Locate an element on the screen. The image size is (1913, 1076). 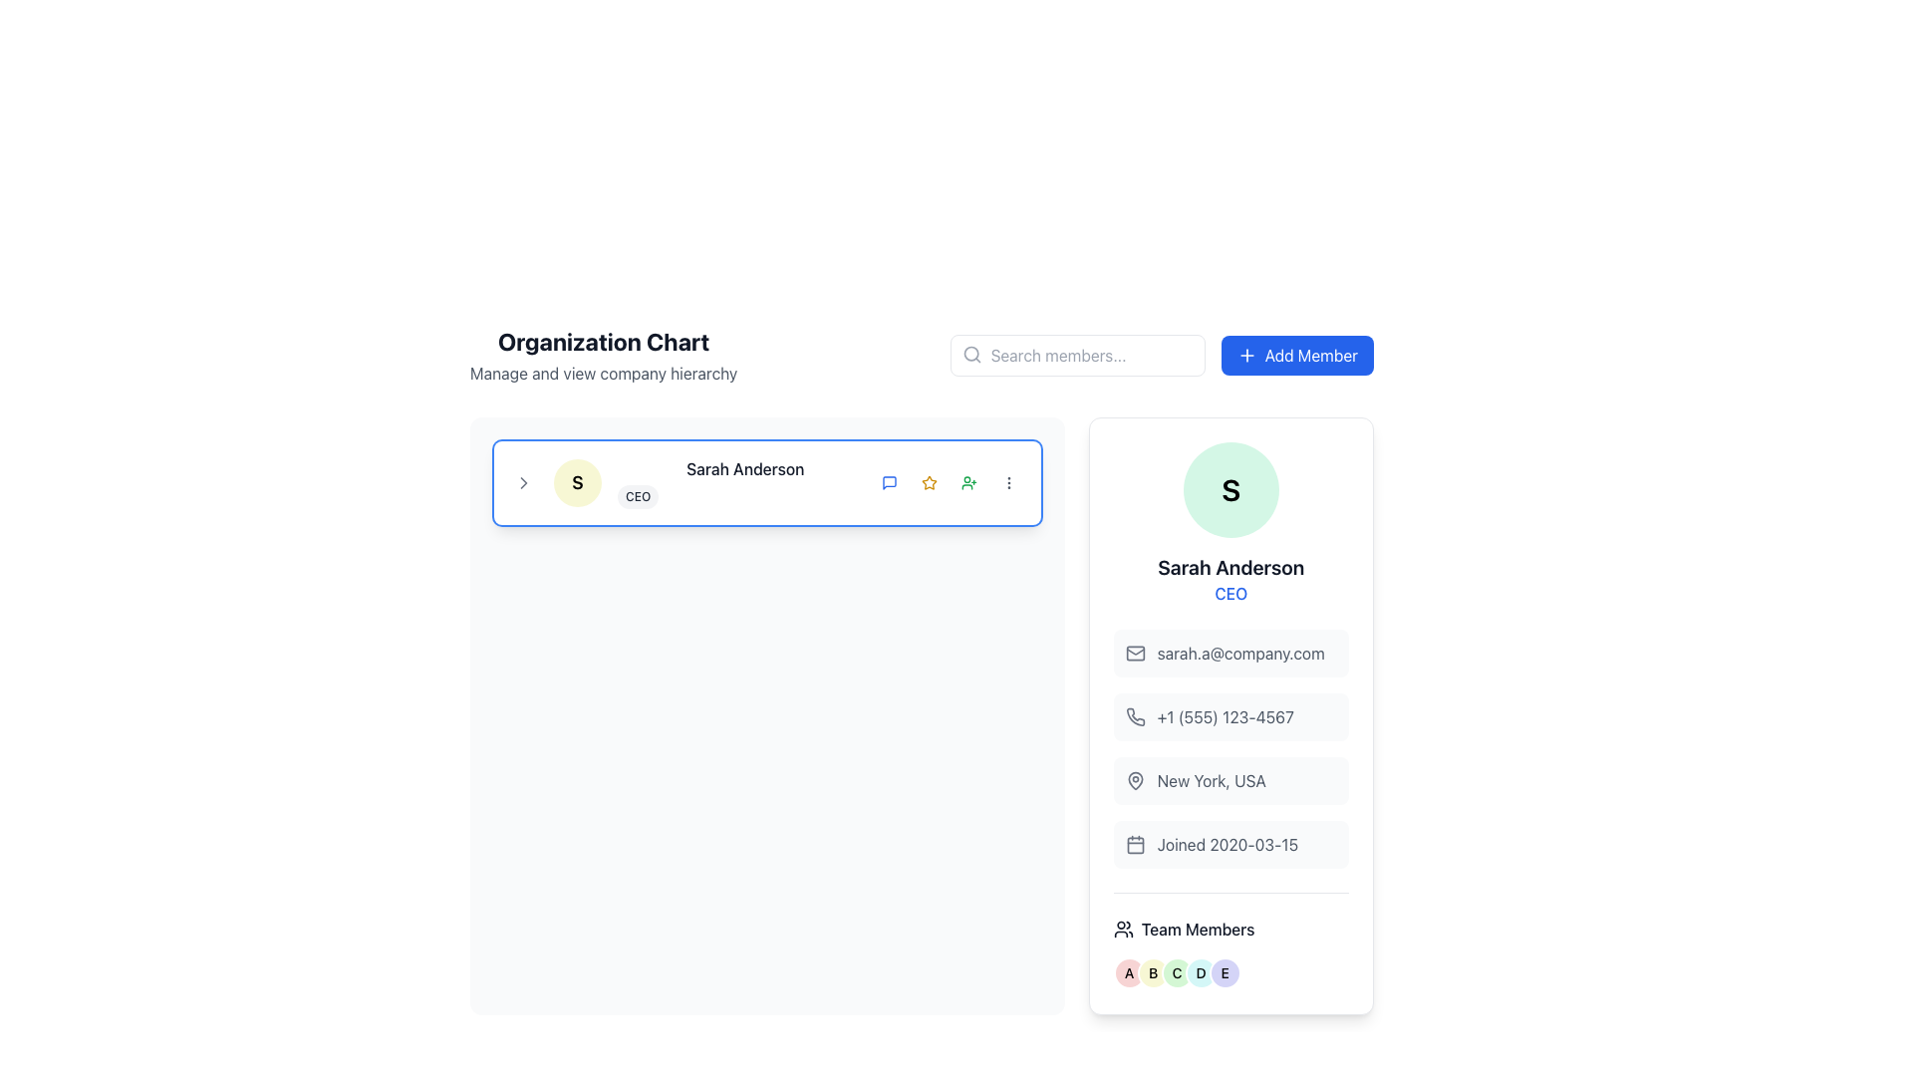
the circular avatar with the letter 'D', which is the fourth item in a horizontal list of avatars labeled 'A', 'B', 'C', 'D', 'E', located under the 'Team Members' section is located at coordinates (1200, 971).